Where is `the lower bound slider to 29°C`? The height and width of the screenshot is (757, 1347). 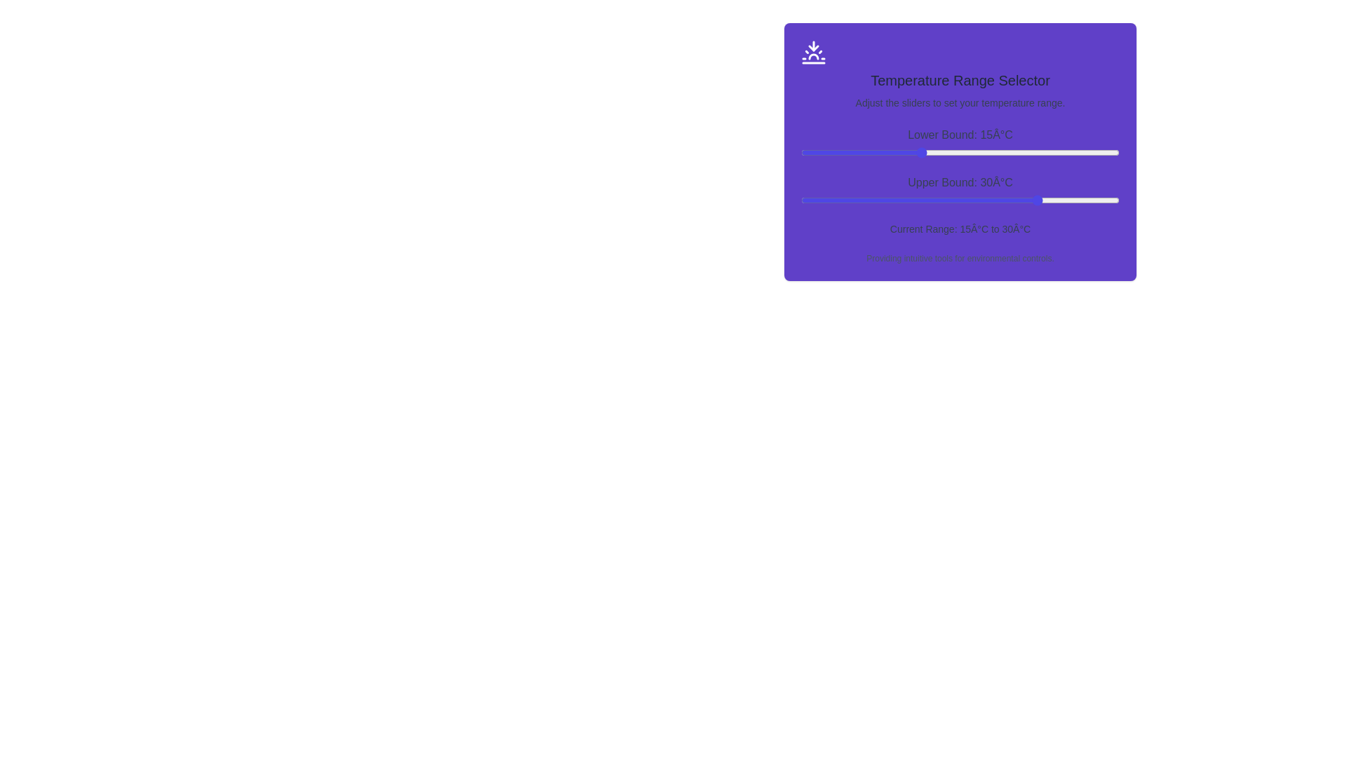 the lower bound slider to 29°C is located at coordinates (1032, 153).